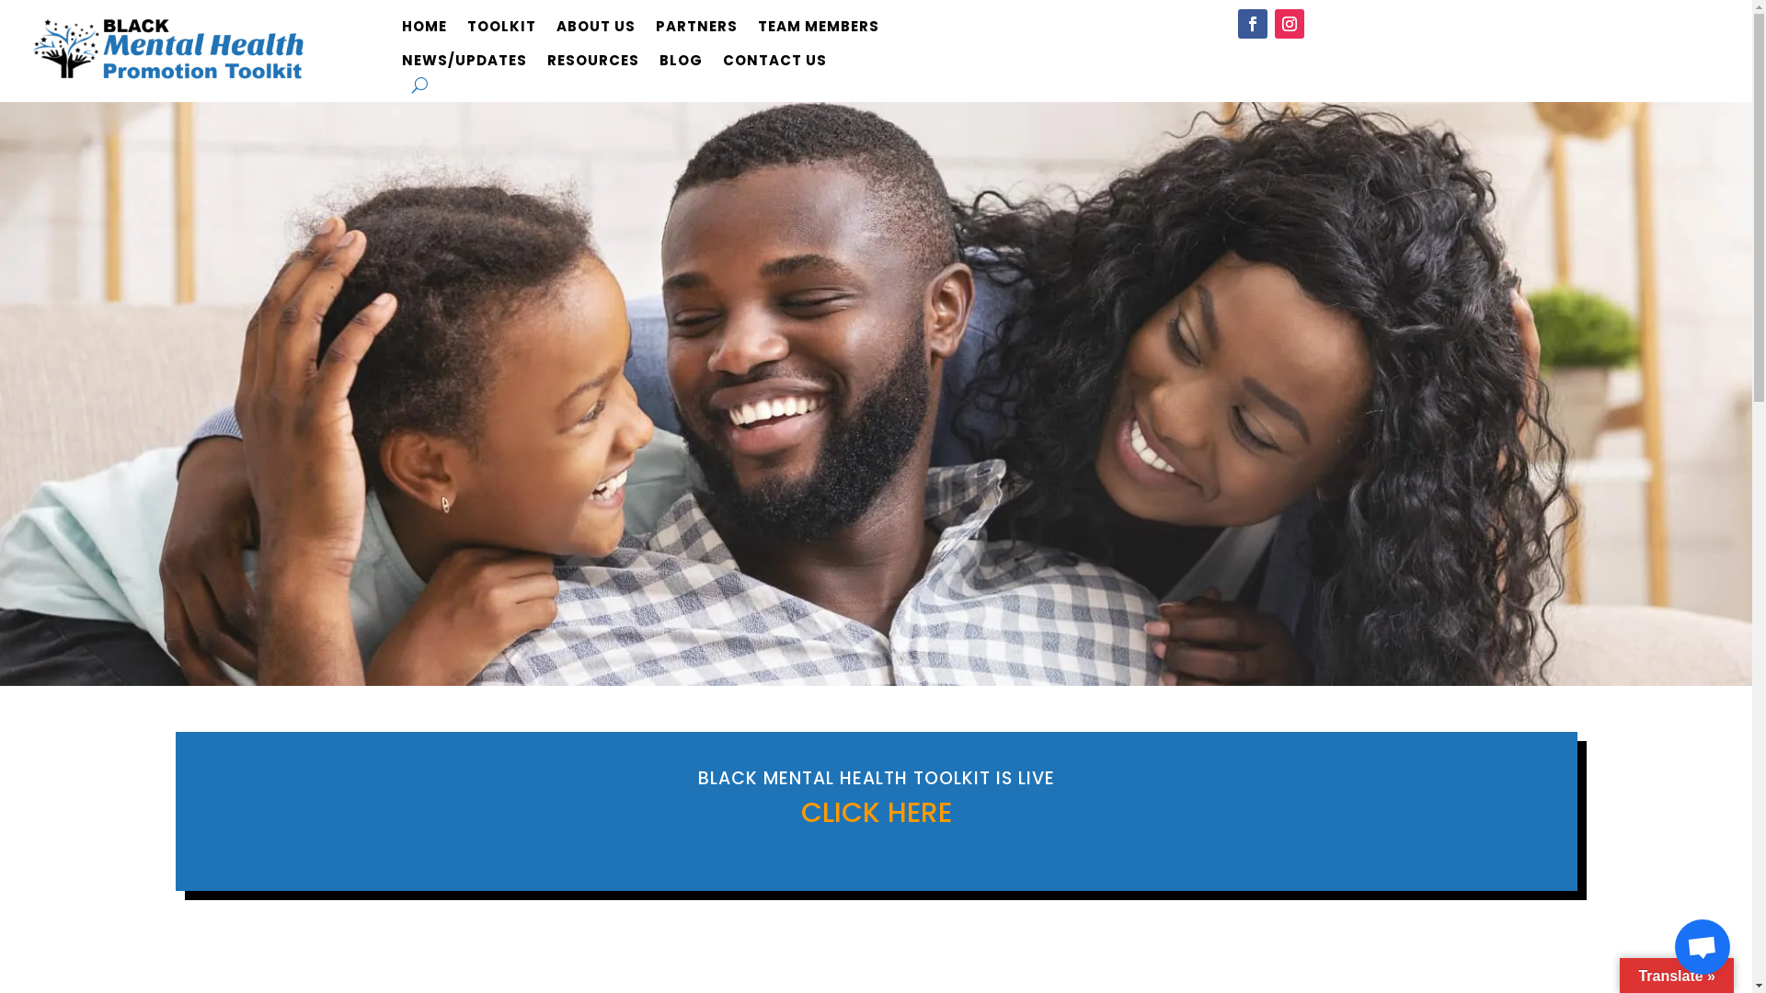  What do you see at coordinates (874, 811) in the screenshot?
I see `'CLICK HERE'` at bounding box center [874, 811].